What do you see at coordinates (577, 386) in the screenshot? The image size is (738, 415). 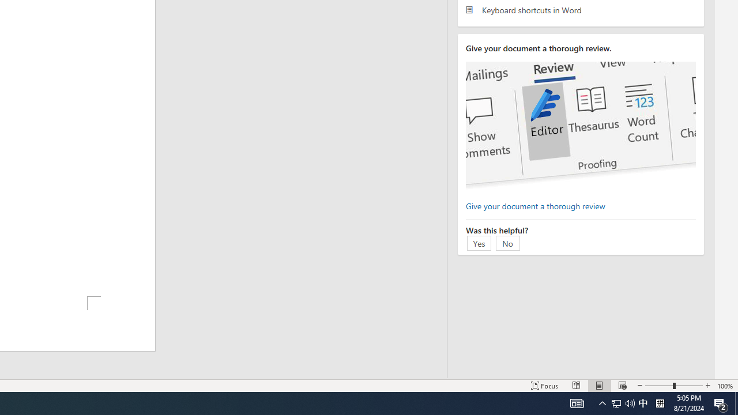 I see `'Read Mode'` at bounding box center [577, 386].